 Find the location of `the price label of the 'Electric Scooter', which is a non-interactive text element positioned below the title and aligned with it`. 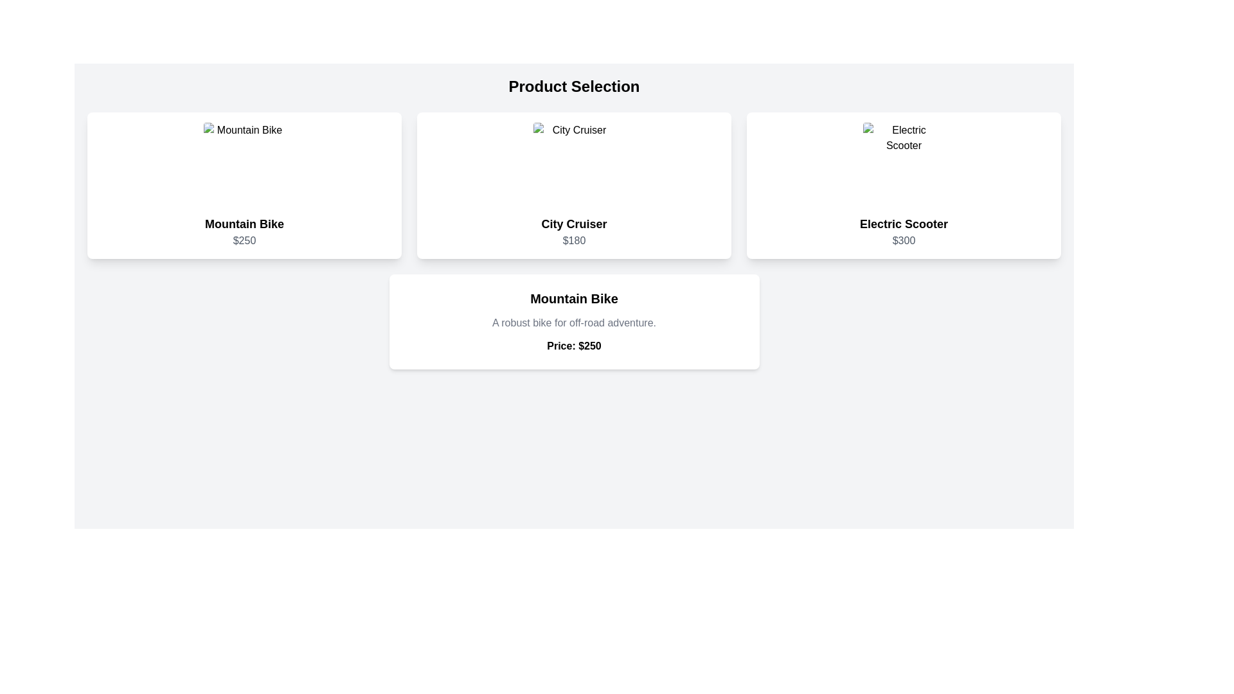

the price label of the 'Electric Scooter', which is a non-interactive text element positioned below the title and aligned with it is located at coordinates (903, 240).